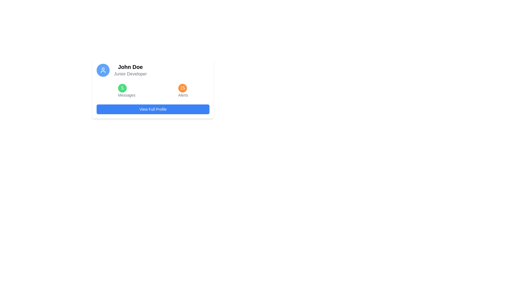 The width and height of the screenshot is (521, 293). What do you see at coordinates (130, 66) in the screenshot?
I see `the text label displaying 'John Doe', which is styled in bold and larger font, located above the subtitle 'Junior Developer' within the card layout` at bounding box center [130, 66].